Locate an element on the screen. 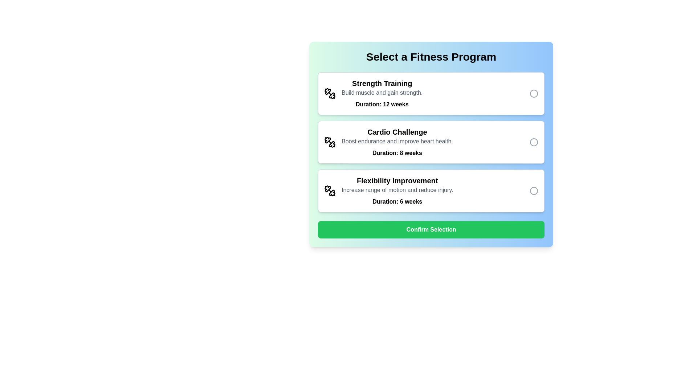 The height and width of the screenshot is (392, 697). the 'Strength Training' program text block located within the selectable card that has a dumbbell icon to its left, which is the first item in the vertically stacked list is located at coordinates (382, 93).